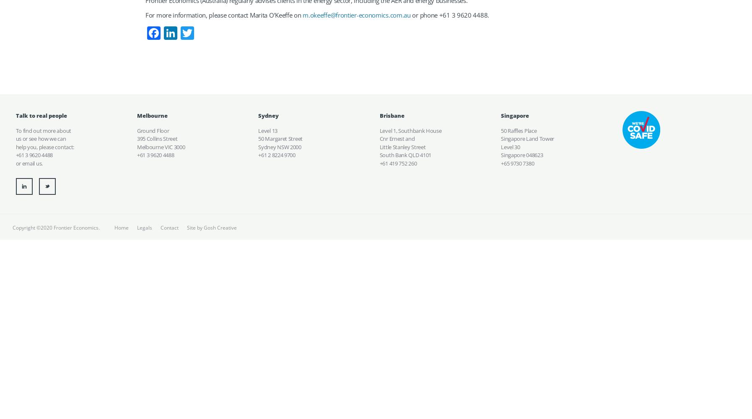 The height and width of the screenshot is (419, 752). I want to click on 'help you, please contact:', so click(44, 146).